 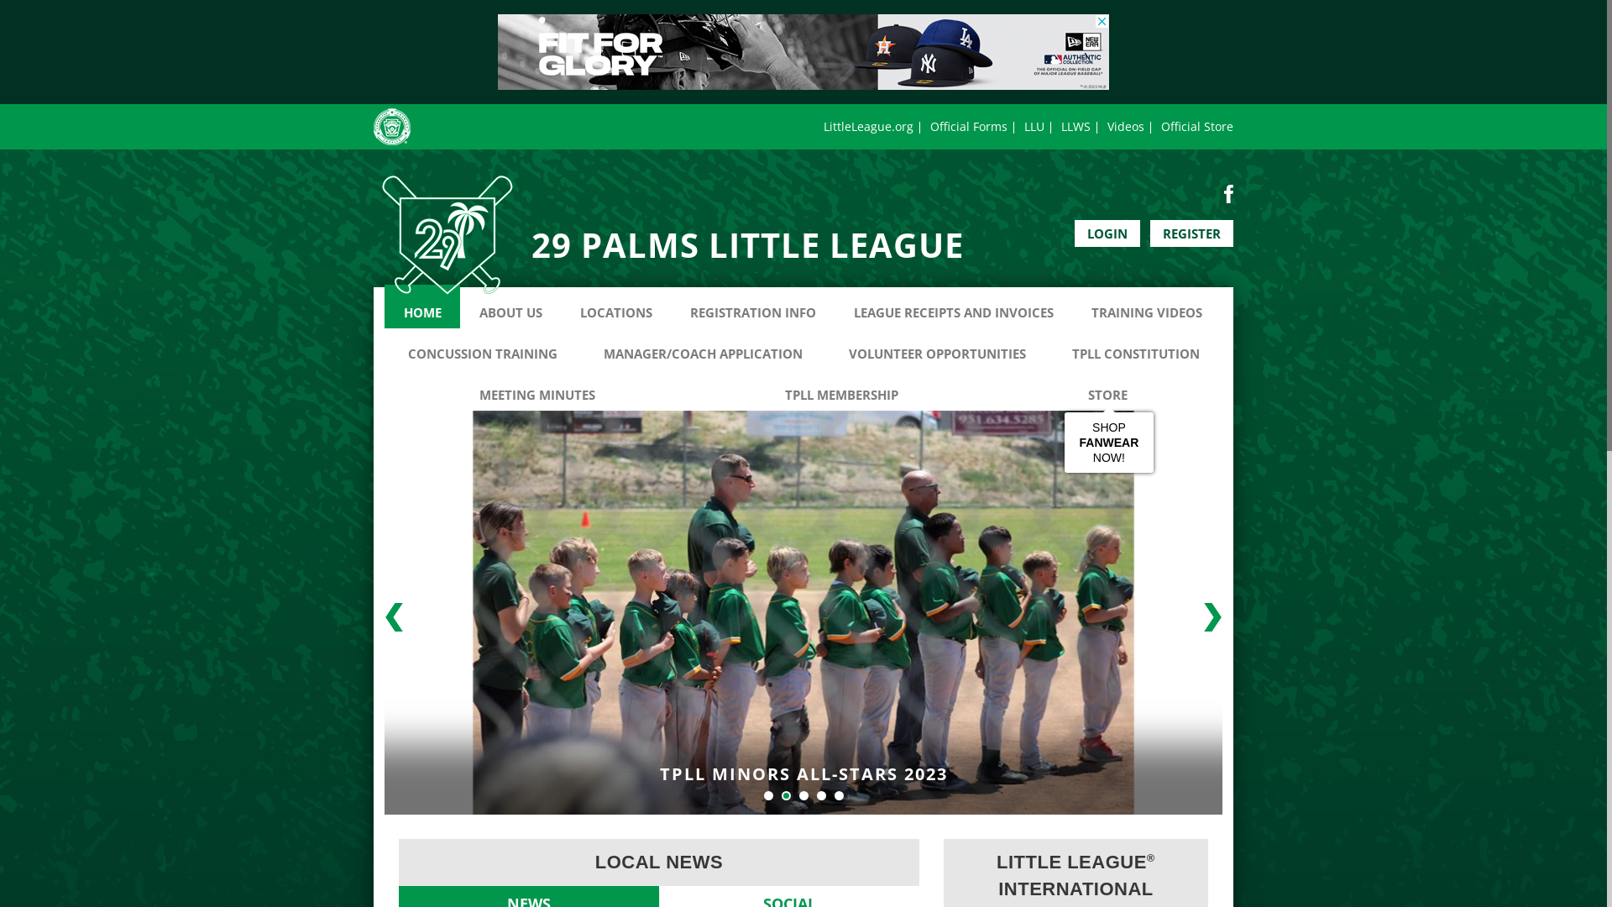 What do you see at coordinates (447, 235) in the screenshot?
I see `'Twentynine Palms Little League'` at bounding box center [447, 235].